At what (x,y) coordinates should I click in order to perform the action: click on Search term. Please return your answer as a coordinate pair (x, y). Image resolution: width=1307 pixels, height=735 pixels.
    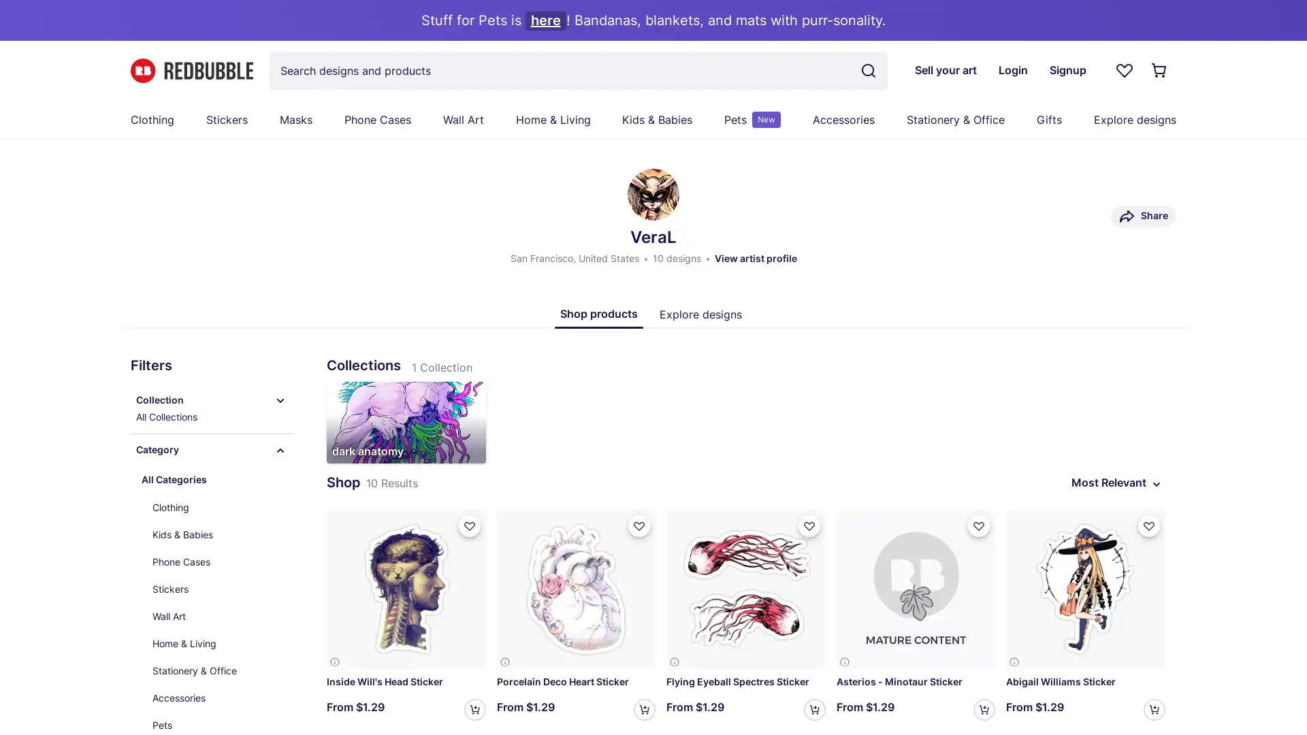
    Looking at the image, I should click on (868, 71).